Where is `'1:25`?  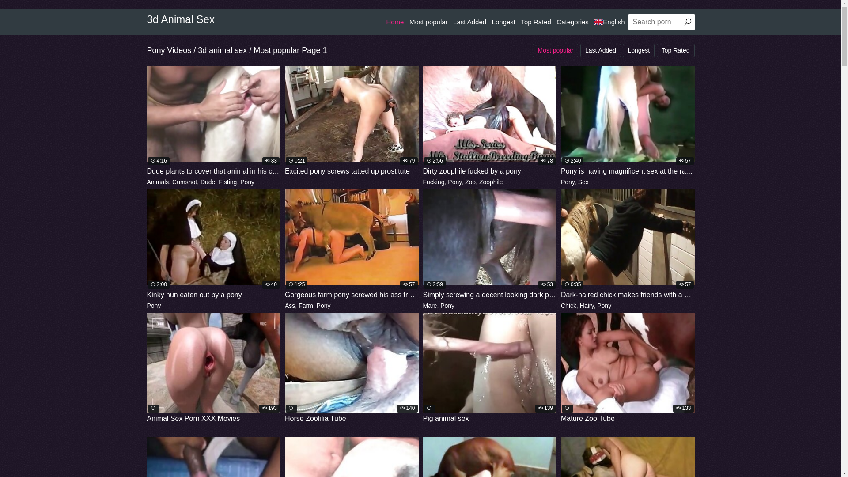
'1:25 is located at coordinates (351, 245).